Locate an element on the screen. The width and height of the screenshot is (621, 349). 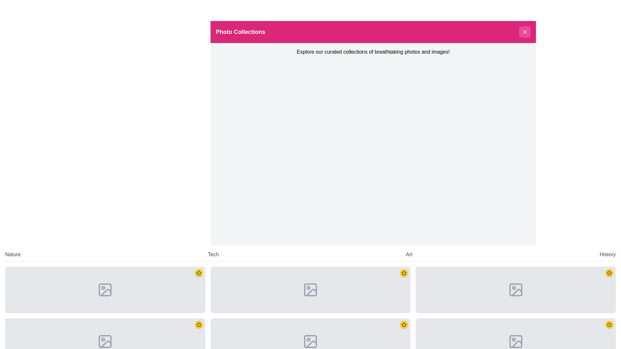
the card element with a light gray background and a star badge is located at coordinates (105, 290).